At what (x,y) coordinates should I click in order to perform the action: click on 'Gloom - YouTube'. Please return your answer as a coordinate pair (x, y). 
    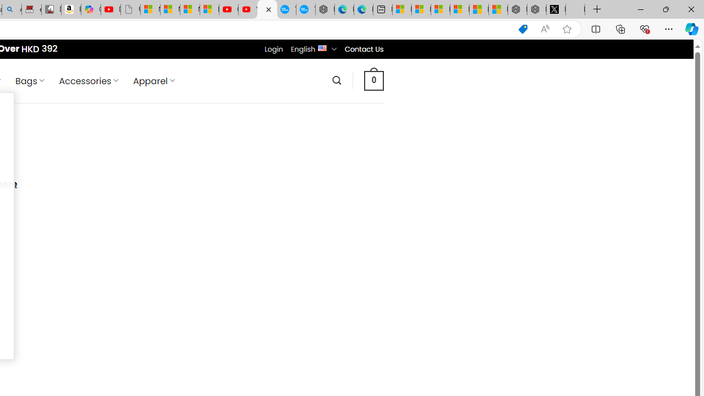
    Looking at the image, I should click on (228, 9).